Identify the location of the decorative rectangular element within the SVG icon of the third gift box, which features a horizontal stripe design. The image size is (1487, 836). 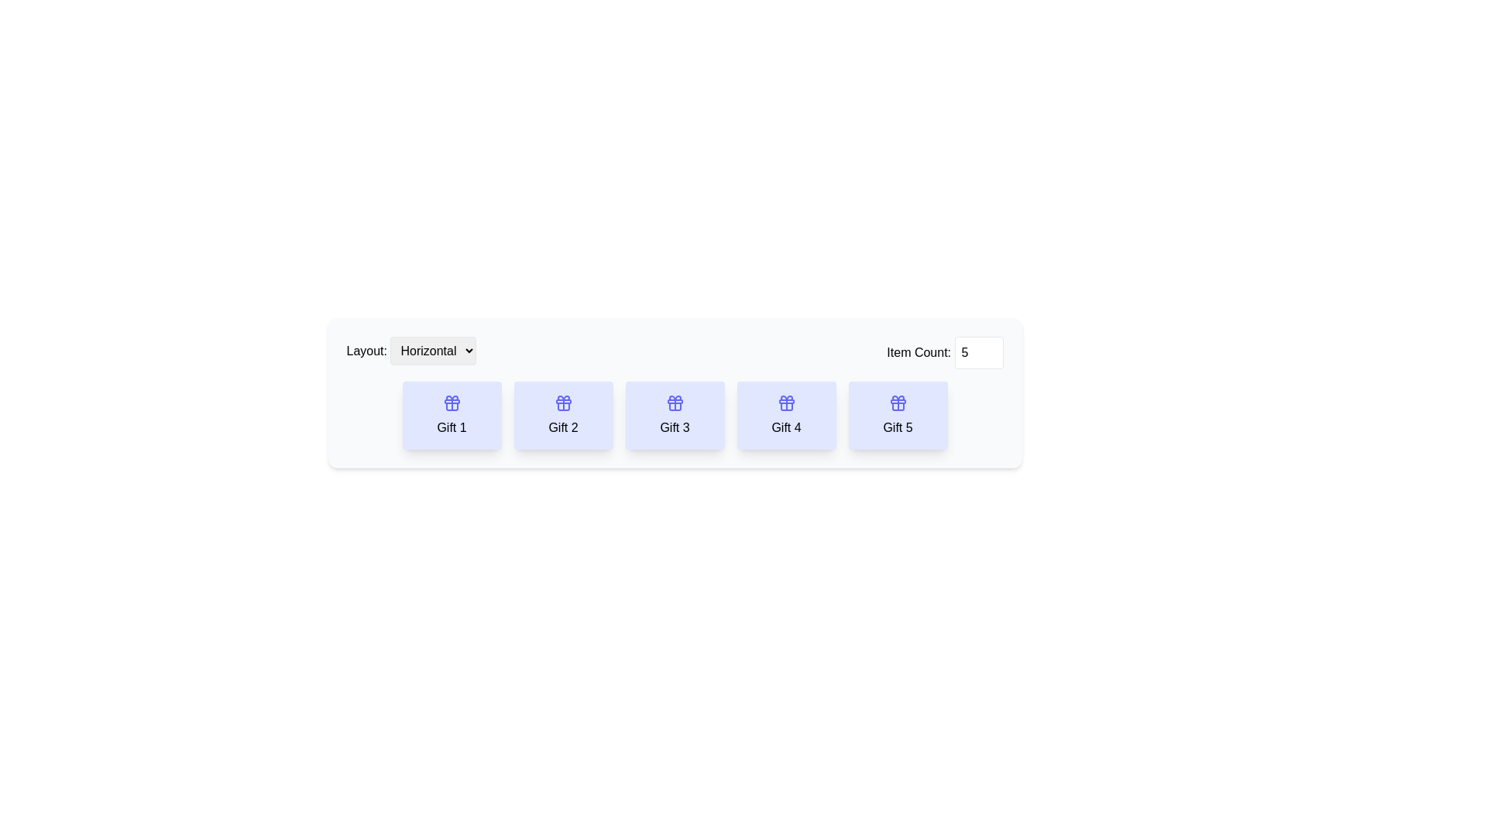
(675, 401).